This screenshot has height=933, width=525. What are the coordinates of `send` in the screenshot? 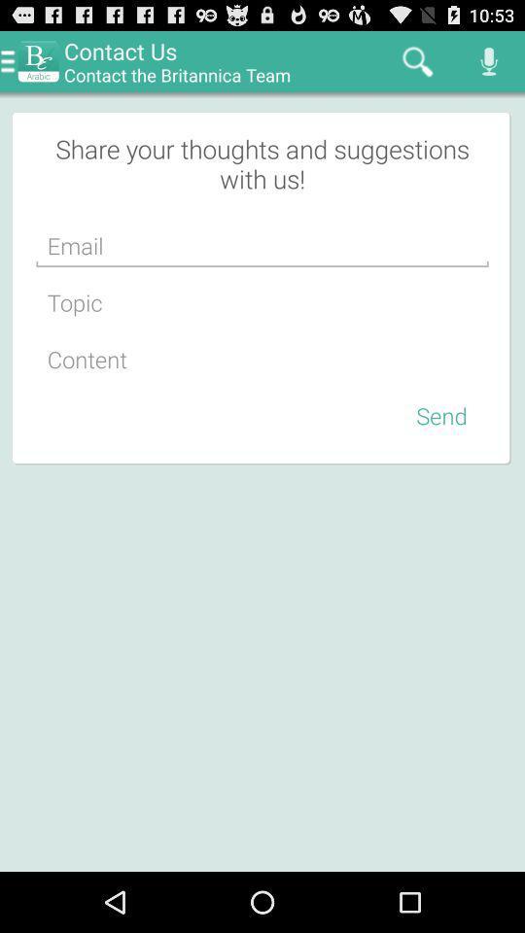 It's located at (441, 415).